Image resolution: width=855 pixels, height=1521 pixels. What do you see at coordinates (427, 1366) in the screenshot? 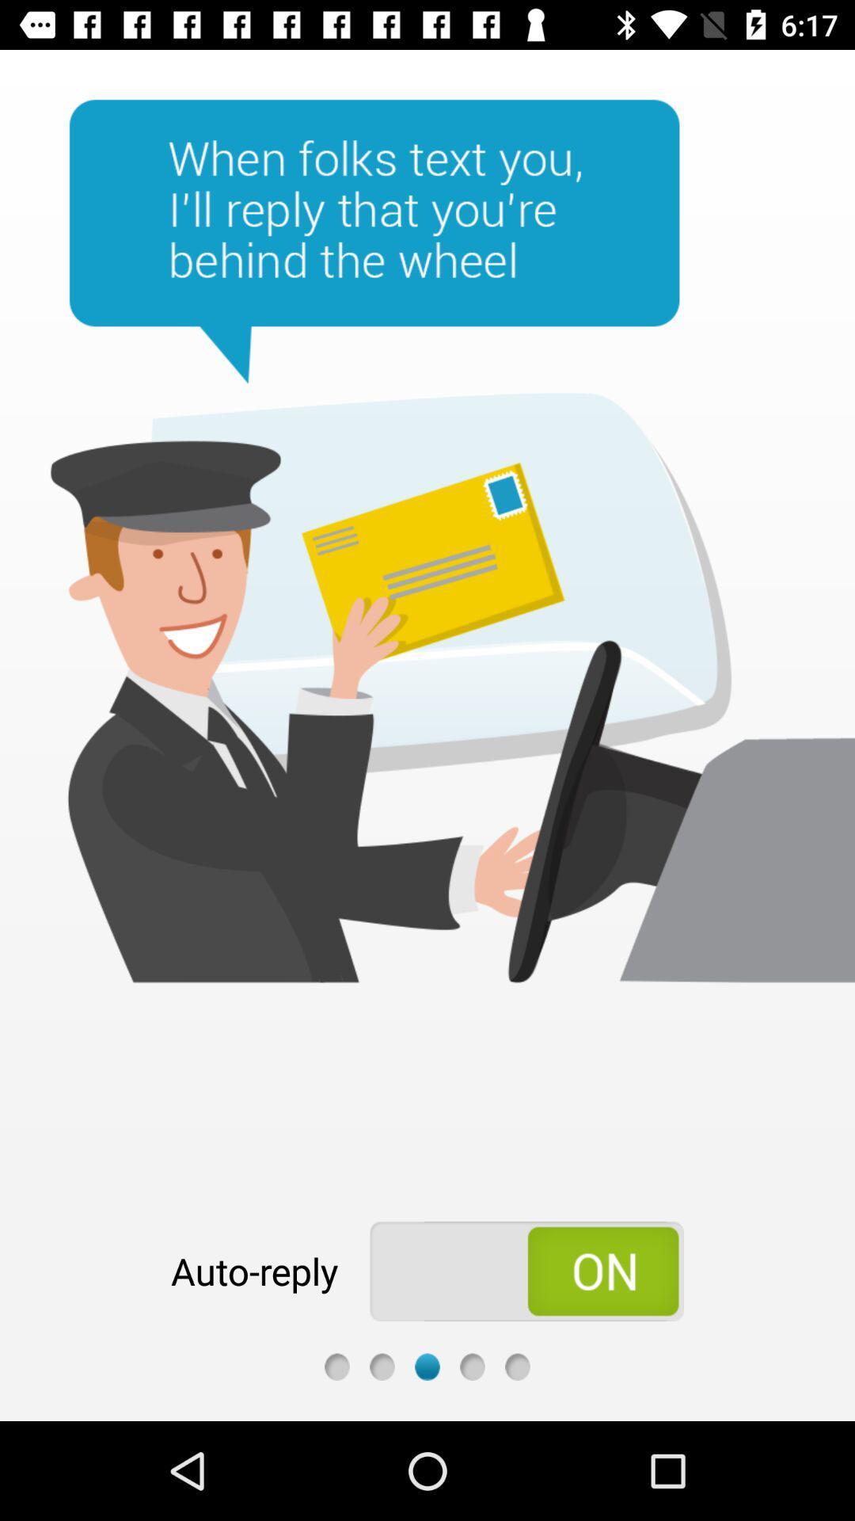
I see `web page dot` at bounding box center [427, 1366].